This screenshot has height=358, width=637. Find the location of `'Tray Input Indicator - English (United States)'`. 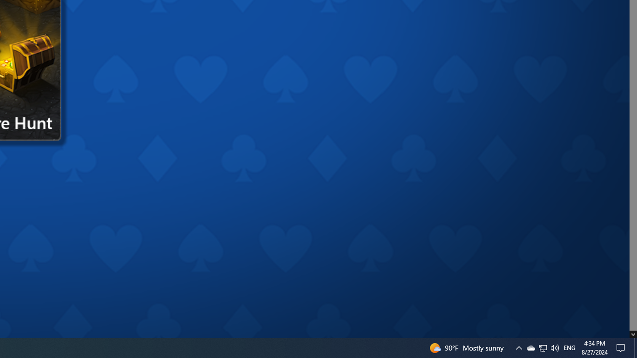

'Tray Input Indicator - English (United States)' is located at coordinates (569, 347).